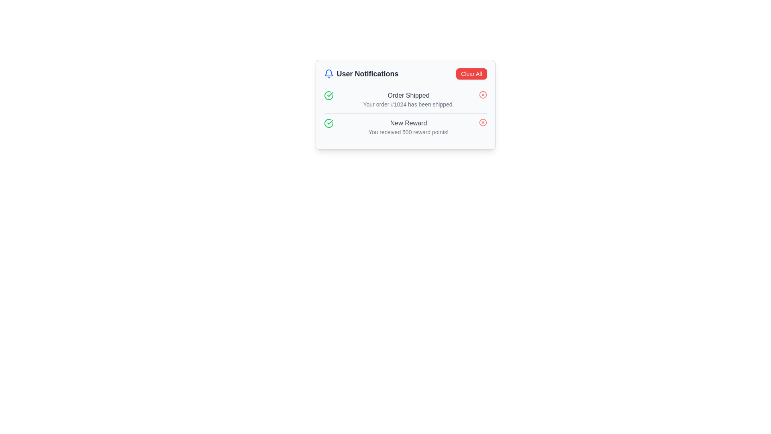  What do you see at coordinates (328, 95) in the screenshot?
I see `the circular green icon with a checkmark inside it, which is located to the left of the 'Order Shipped' notification text area` at bounding box center [328, 95].